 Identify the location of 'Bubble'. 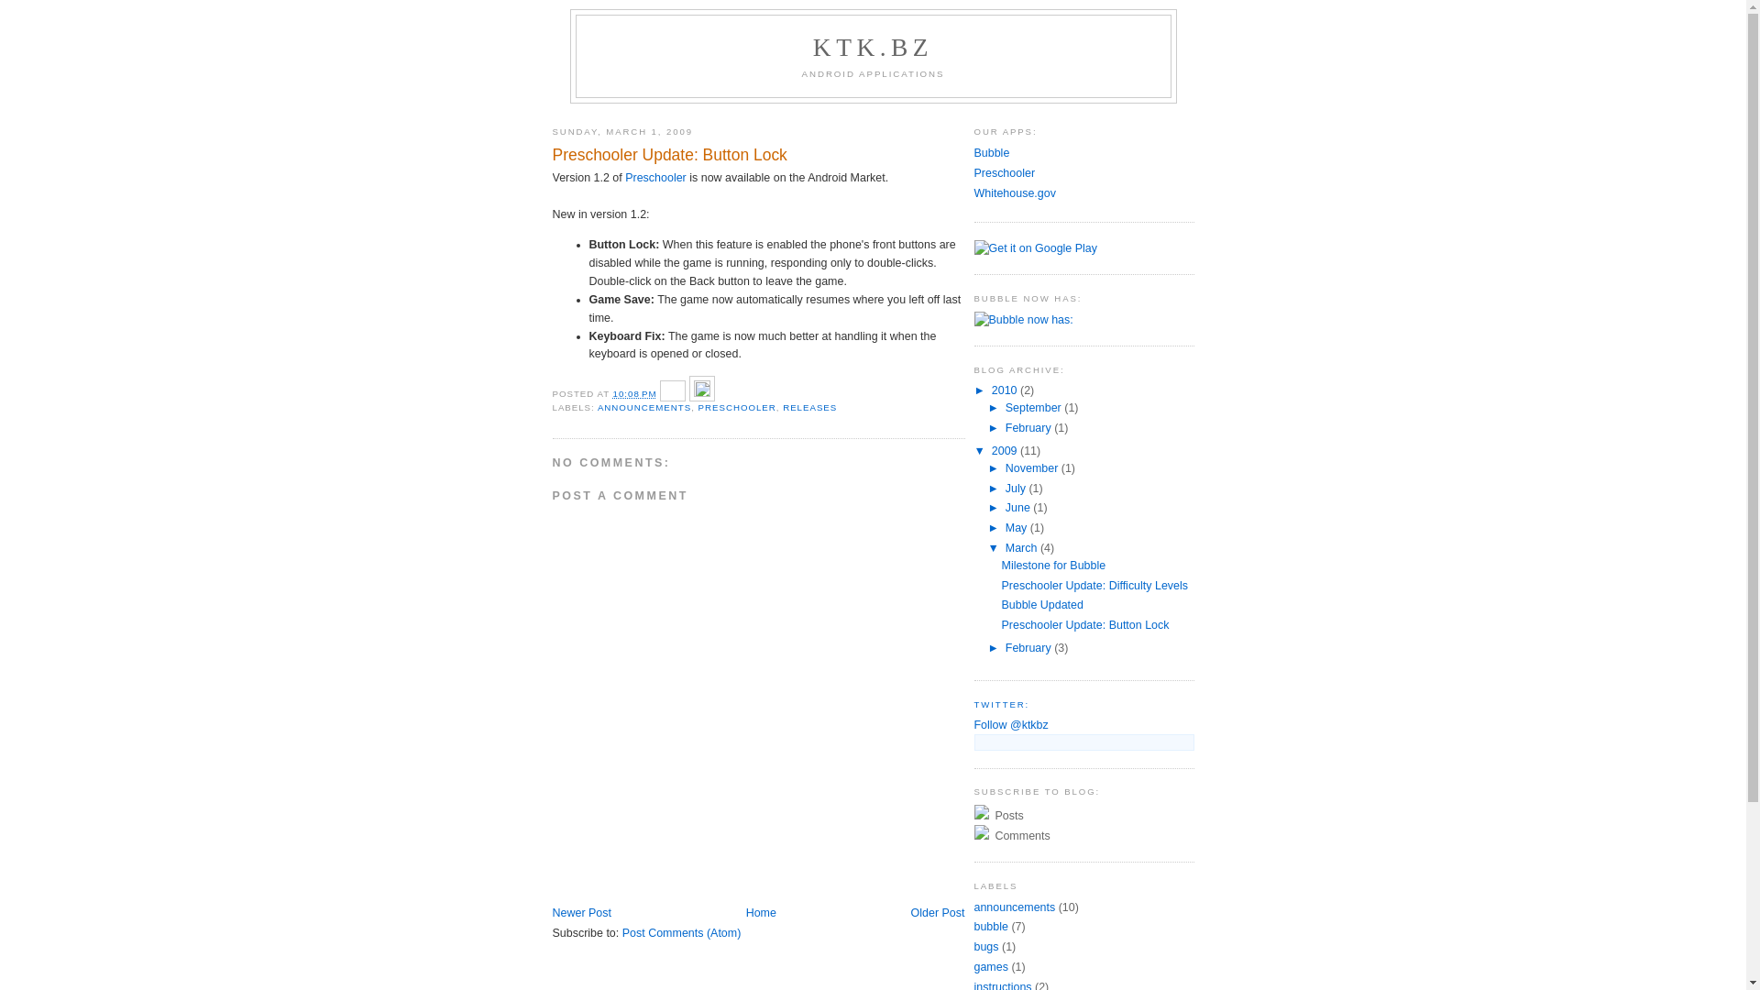
(990, 151).